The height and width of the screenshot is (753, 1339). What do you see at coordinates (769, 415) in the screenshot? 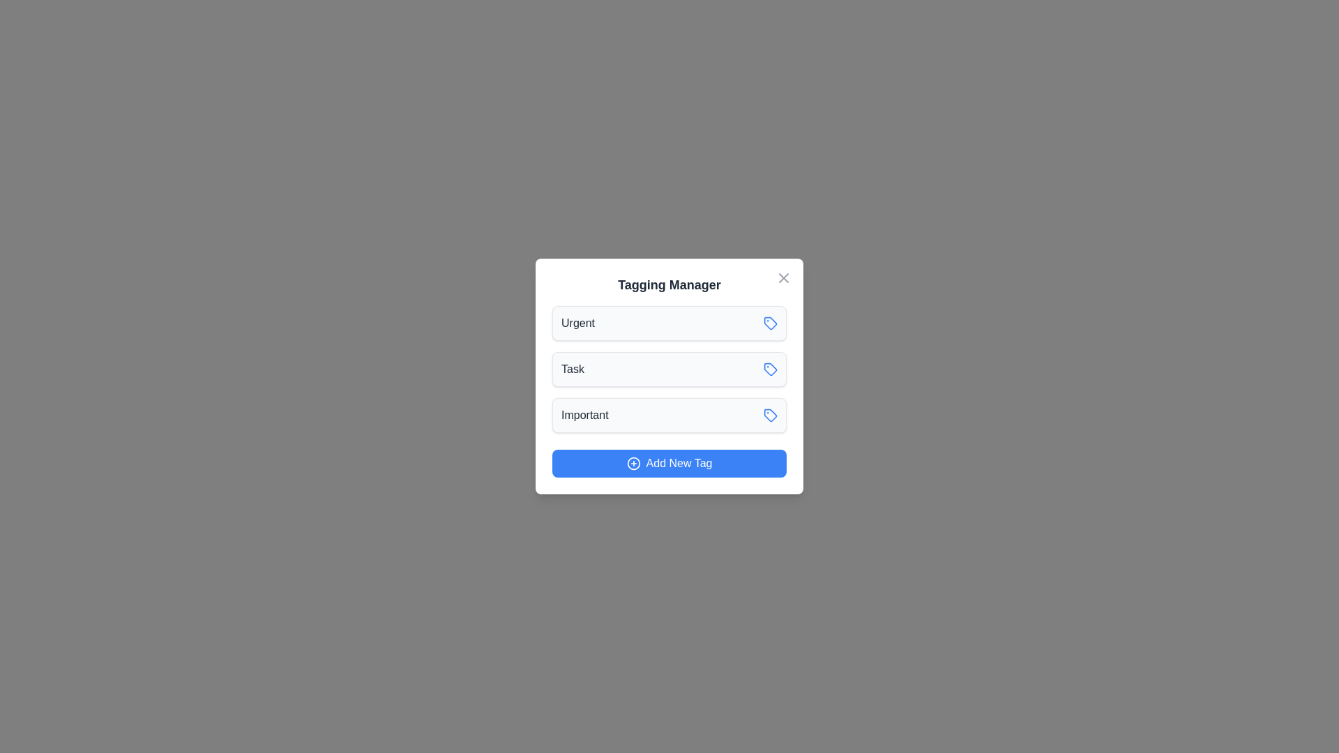
I see `the tag icon corresponding to Important to view its details` at bounding box center [769, 415].